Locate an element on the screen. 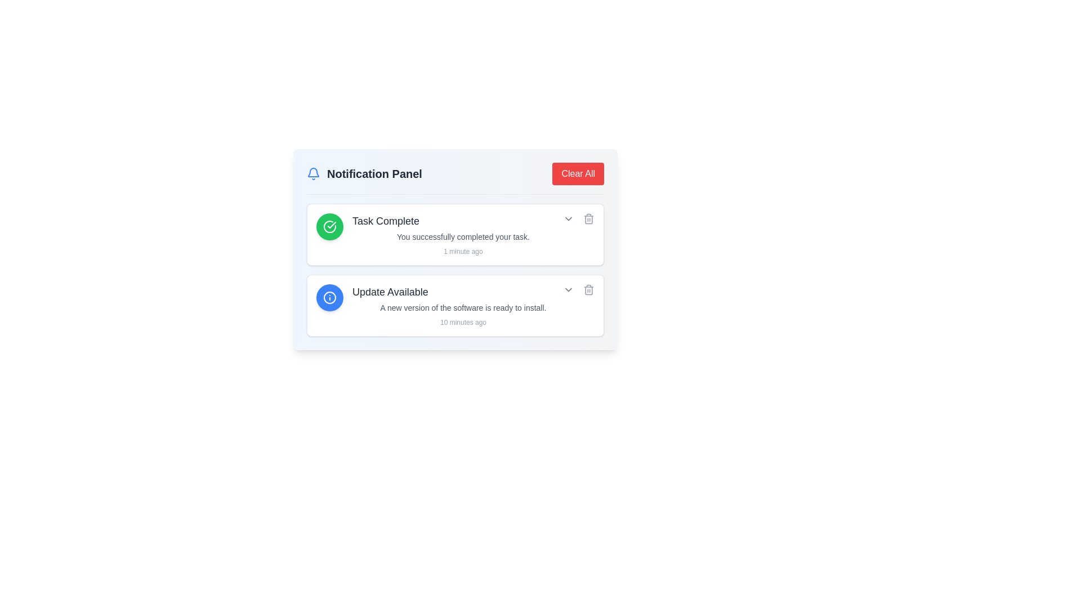 This screenshot has width=1081, height=608. the success status icon located in the first notification panel to the left of the 'Task Complete' notification is located at coordinates (329, 226).